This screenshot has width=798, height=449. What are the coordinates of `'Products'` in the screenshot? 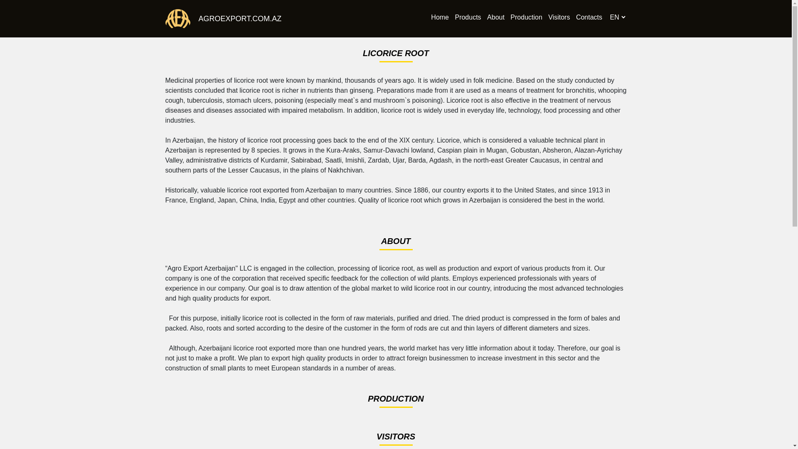 It's located at (468, 18).